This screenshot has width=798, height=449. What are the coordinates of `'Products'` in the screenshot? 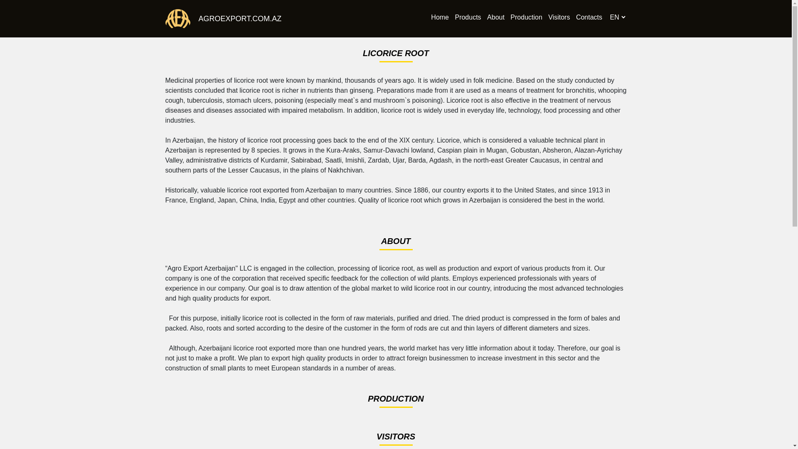 It's located at (468, 18).